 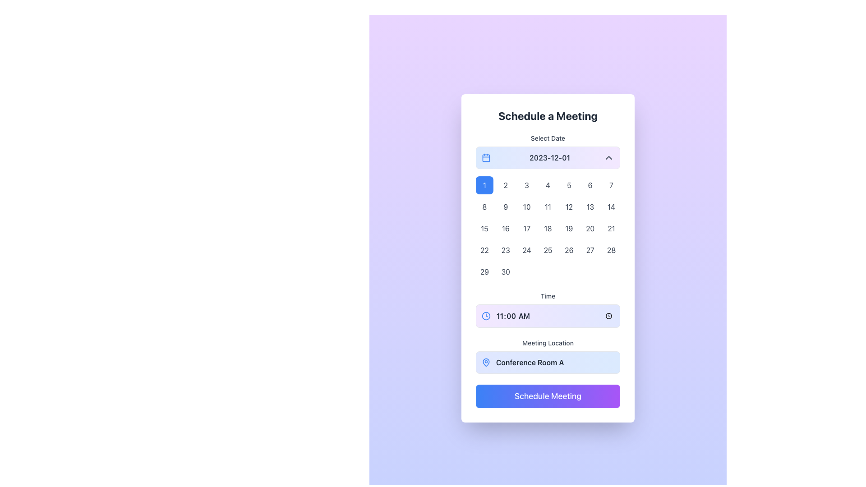 I want to click on the rounded square button displaying the number '21' located in the last column of the third row of the calendar grid, so click(x=611, y=228).